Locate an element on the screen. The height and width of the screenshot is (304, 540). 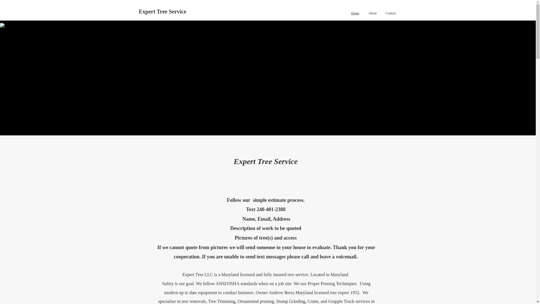
'About' is located at coordinates (364, 13).